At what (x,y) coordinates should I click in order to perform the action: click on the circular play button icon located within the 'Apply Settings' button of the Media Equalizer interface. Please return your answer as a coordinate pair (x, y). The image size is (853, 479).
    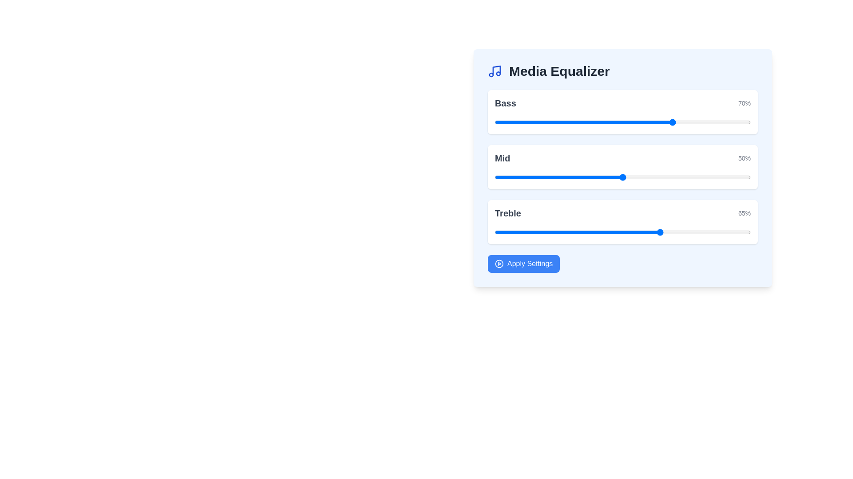
    Looking at the image, I should click on (499, 263).